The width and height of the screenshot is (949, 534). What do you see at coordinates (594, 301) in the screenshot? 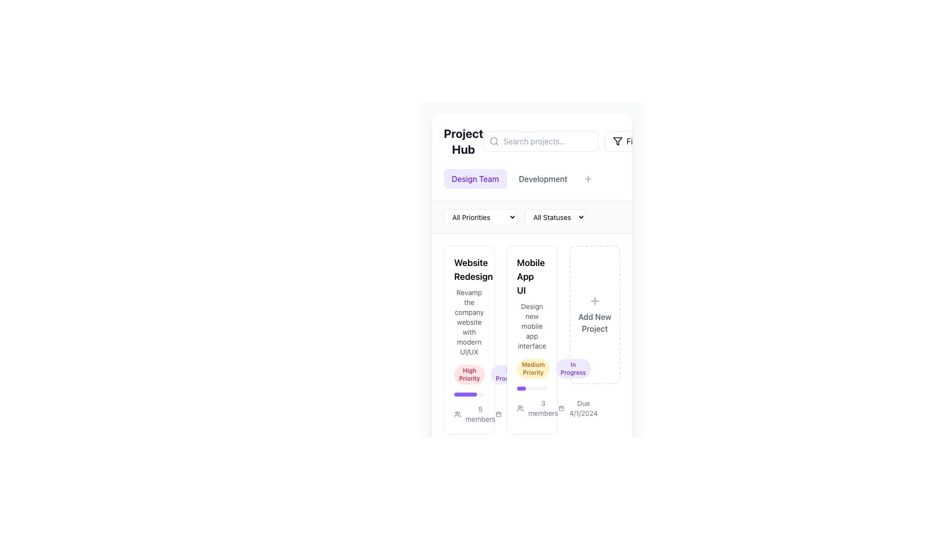
I see `the circular '+' icon located in the center of the 'Add New Project' card for keyboard interaction` at bounding box center [594, 301].